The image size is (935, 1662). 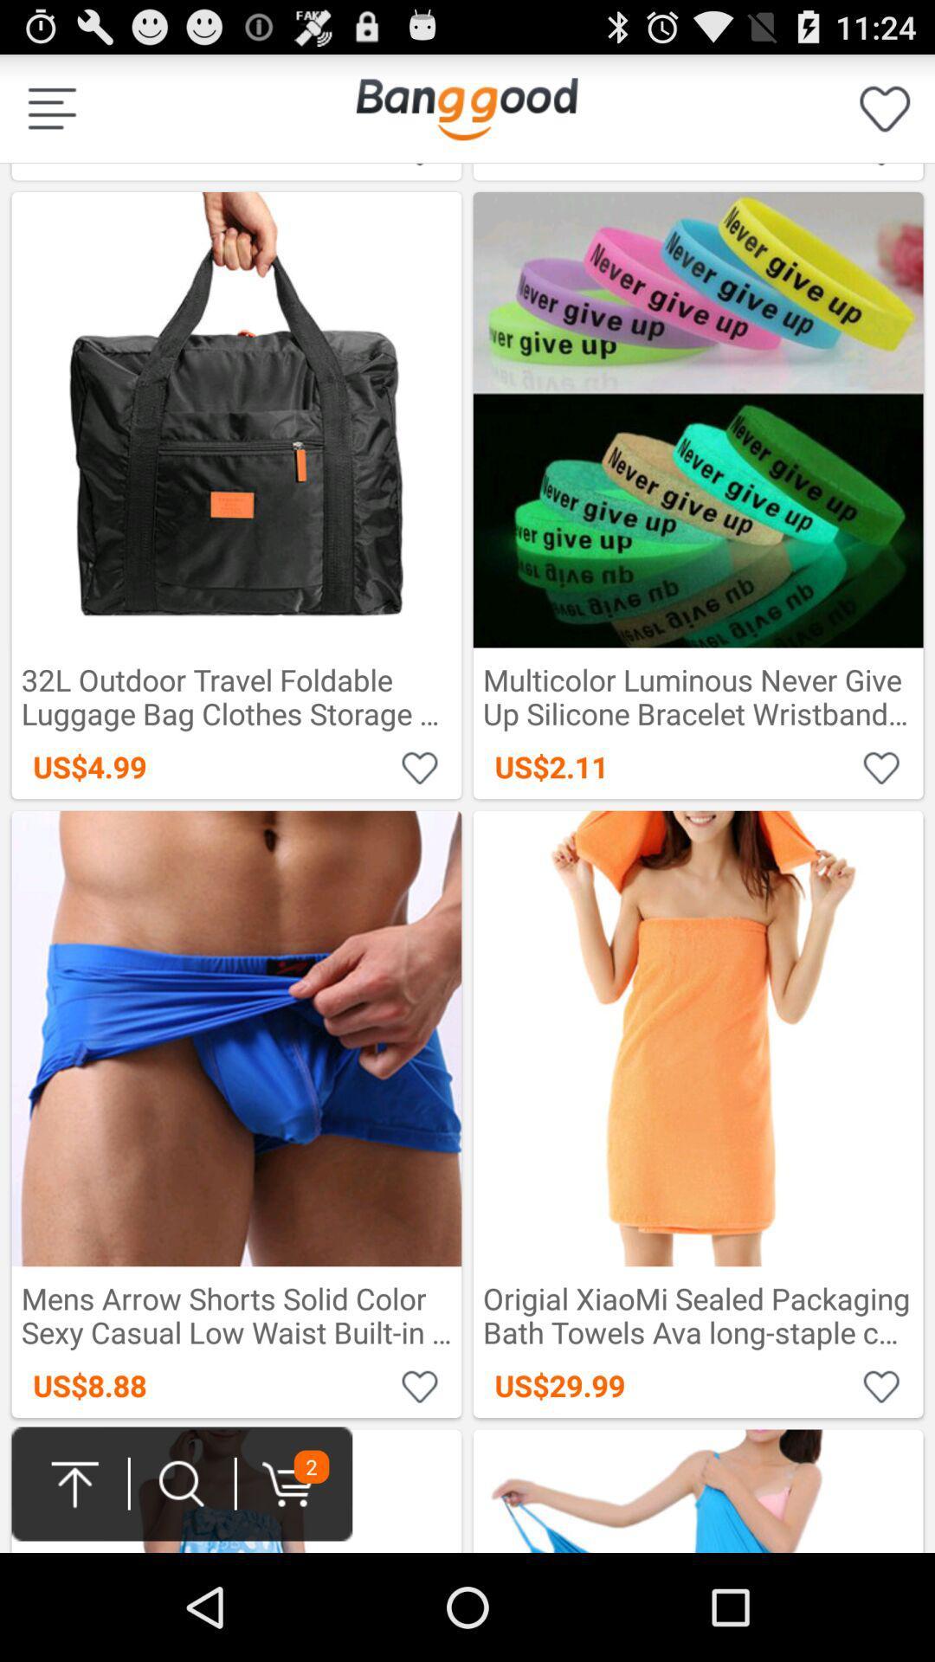 I want to click on to favorites, so click(x=420, y=766).